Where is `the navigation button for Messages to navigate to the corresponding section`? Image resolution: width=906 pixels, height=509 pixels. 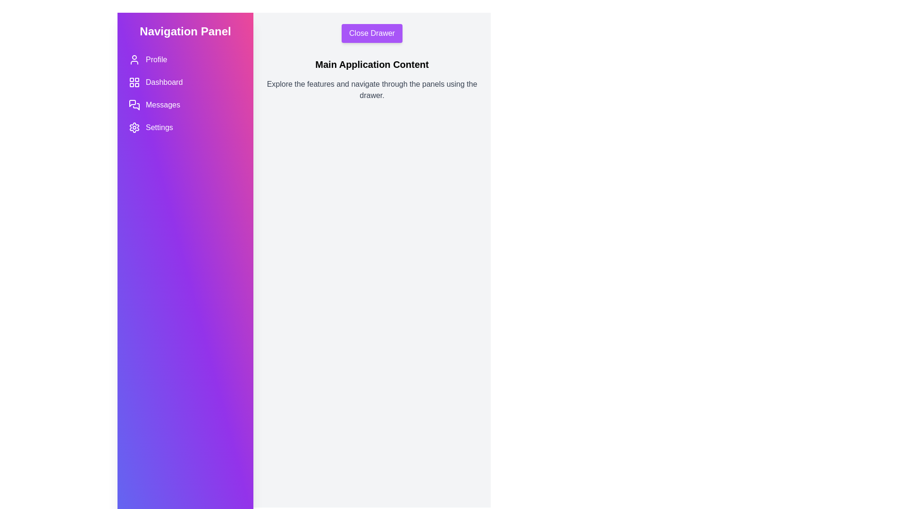
the navigation button for Messages to navigate to the corresponding section is located at coordinates (185, 105).